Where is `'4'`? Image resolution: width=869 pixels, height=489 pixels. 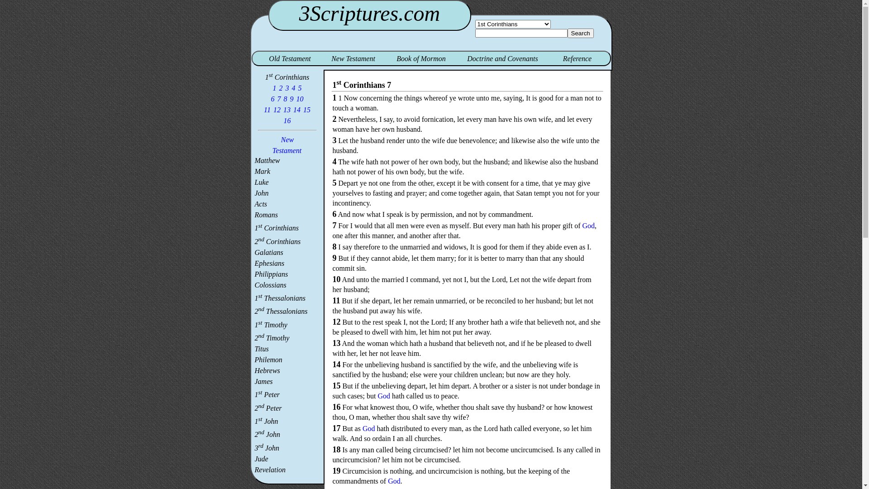
'4' is located at coordinates (293, 88).